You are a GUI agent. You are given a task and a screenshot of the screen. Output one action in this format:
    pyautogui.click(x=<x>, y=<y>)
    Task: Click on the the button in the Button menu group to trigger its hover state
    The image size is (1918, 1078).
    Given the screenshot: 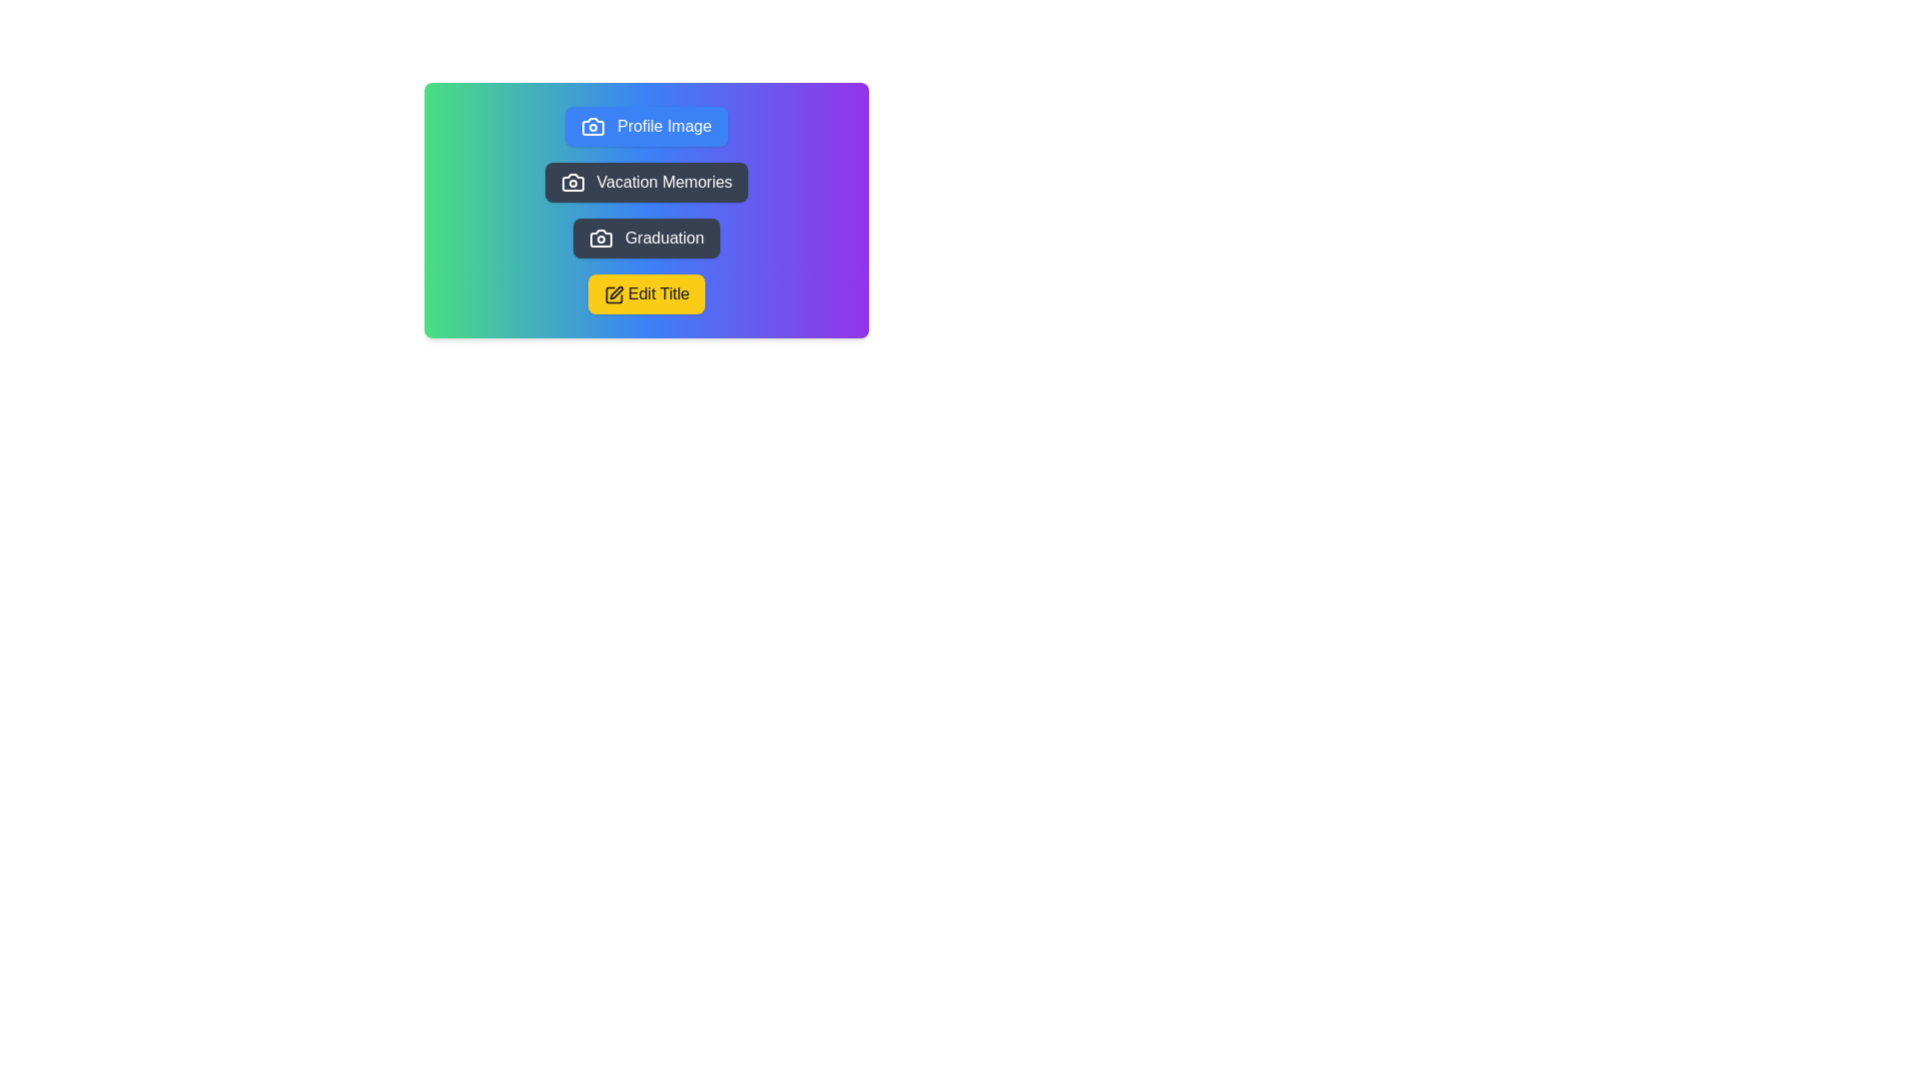 What is the action you would take?
    pyautogui.click(x=646, y=211)
    